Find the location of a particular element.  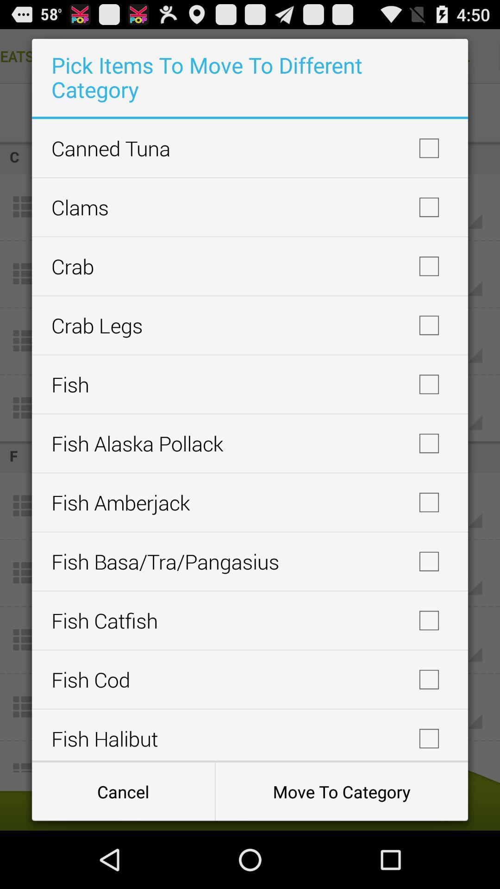

icon next to move to category is located at coordinates (123, 791).